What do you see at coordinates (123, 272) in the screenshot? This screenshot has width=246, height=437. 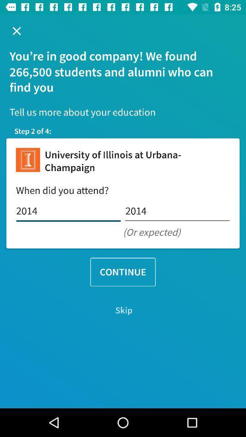 I see `the continue icon` at bounding box center [123, 272].